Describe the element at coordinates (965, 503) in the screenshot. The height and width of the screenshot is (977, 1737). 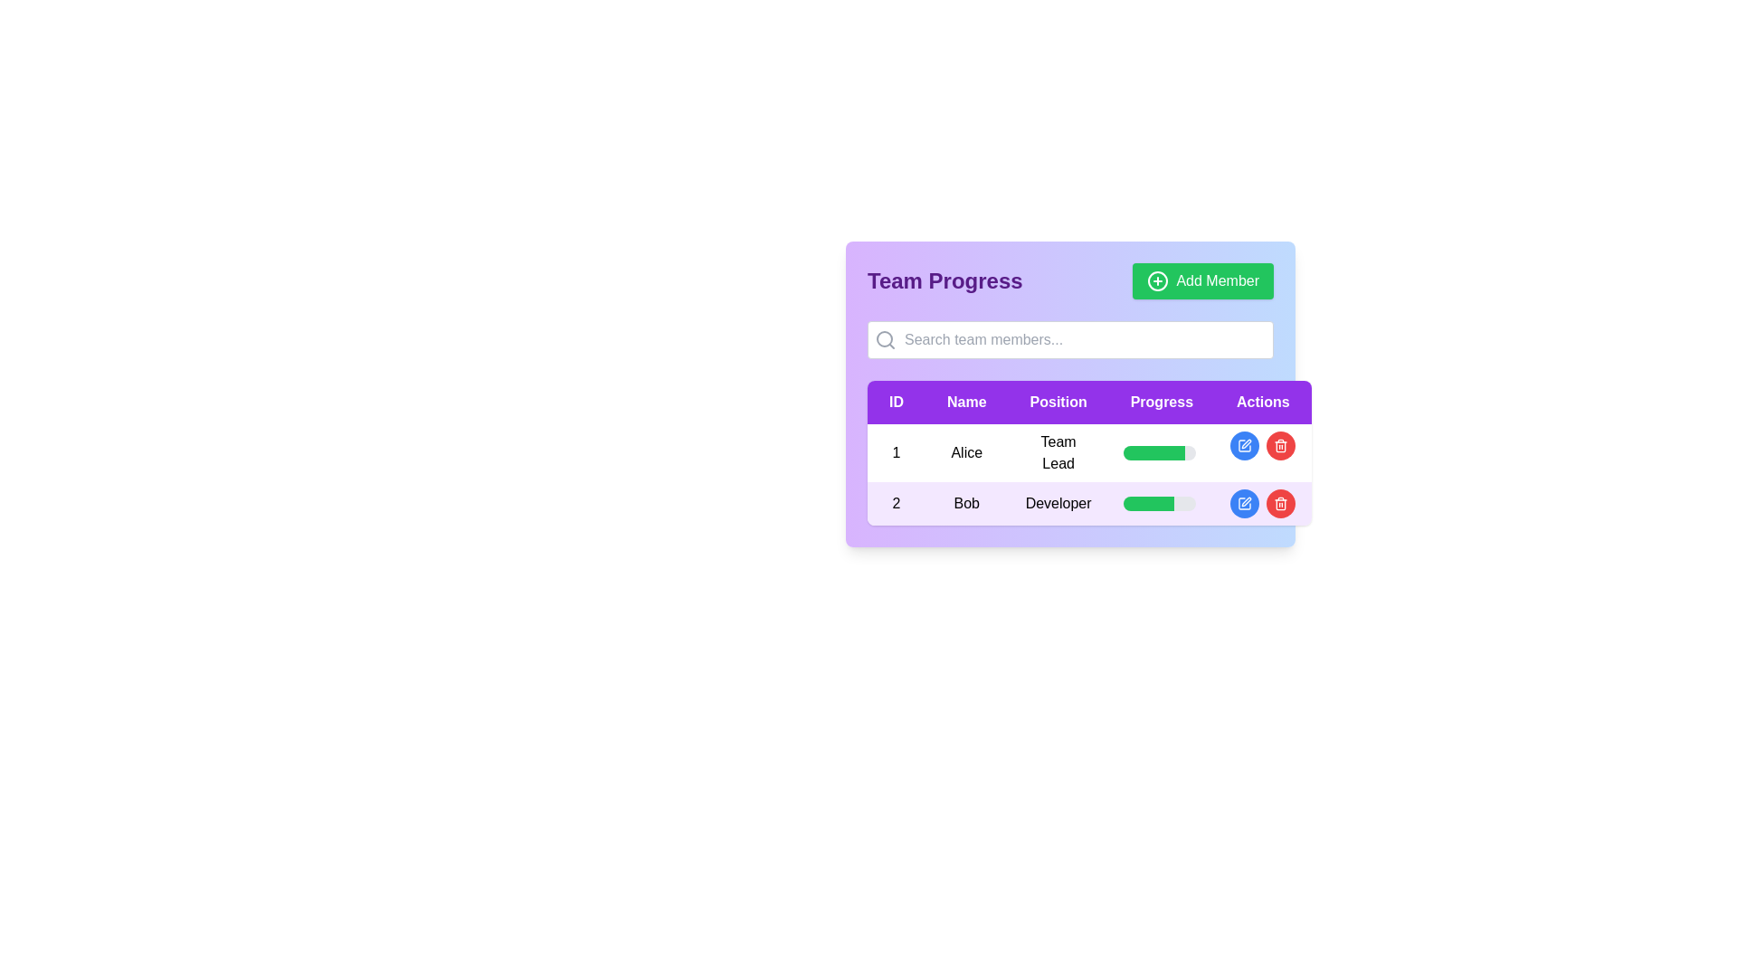
I see `displayed text from the second cell in the 'Name' column of the team progress overview table, which is located directly below the cell containing 'Alice'` at that location.